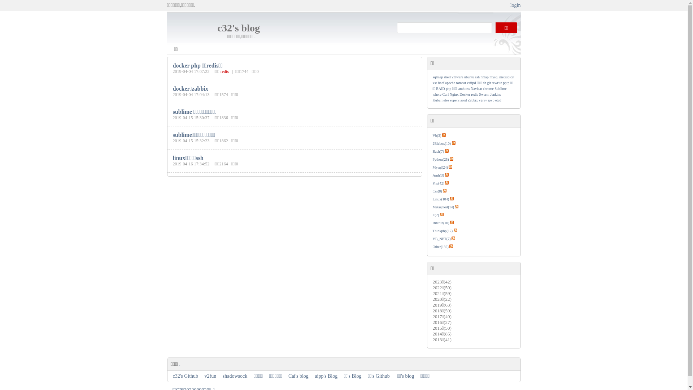 The image size is (693, 390). Describe the element at coordinates (441, 143) in the screenshot. I see `'2Bizbox(10)'` at that location.